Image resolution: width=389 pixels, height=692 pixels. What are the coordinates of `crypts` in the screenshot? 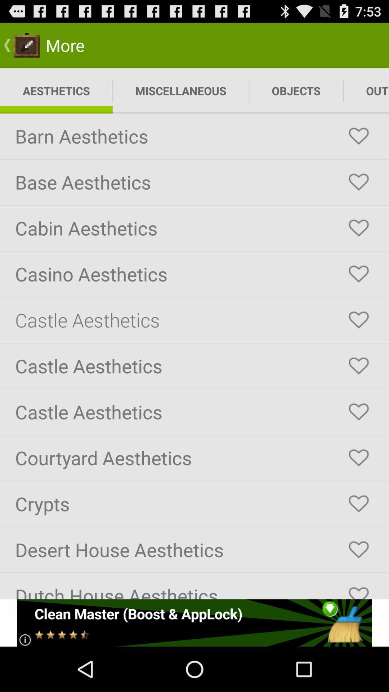 It's located at (358, 503).